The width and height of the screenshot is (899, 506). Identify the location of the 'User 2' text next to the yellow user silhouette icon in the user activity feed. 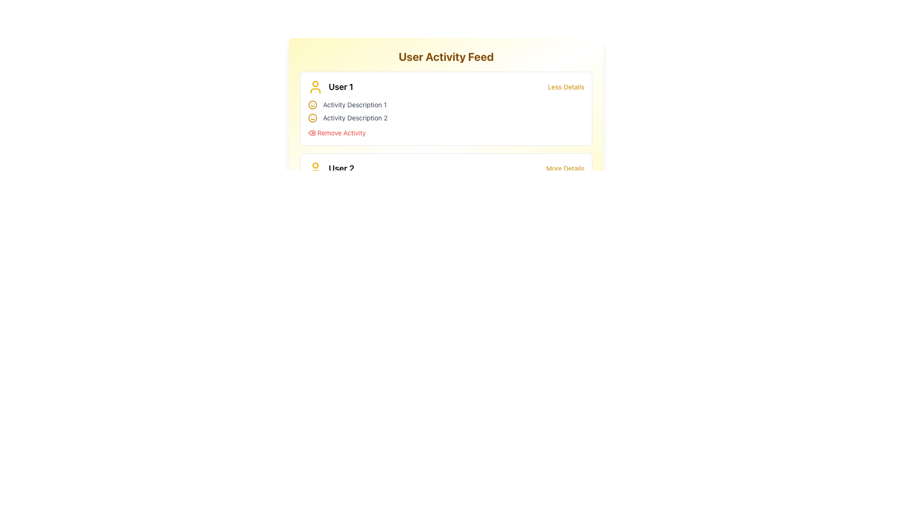
(331, 168).